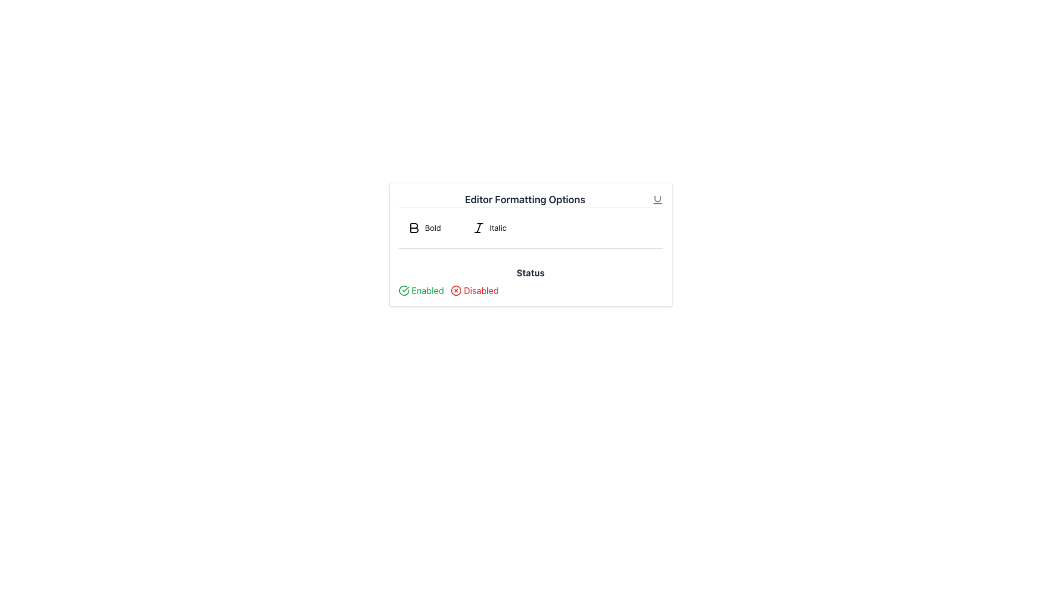 The height and width of the screenshot is (598, 1063). Describe the element at coordinates (403, 290) in the screenshot. I see `the decorative icon shape component located near the 'Status' label in the interface` at that location.